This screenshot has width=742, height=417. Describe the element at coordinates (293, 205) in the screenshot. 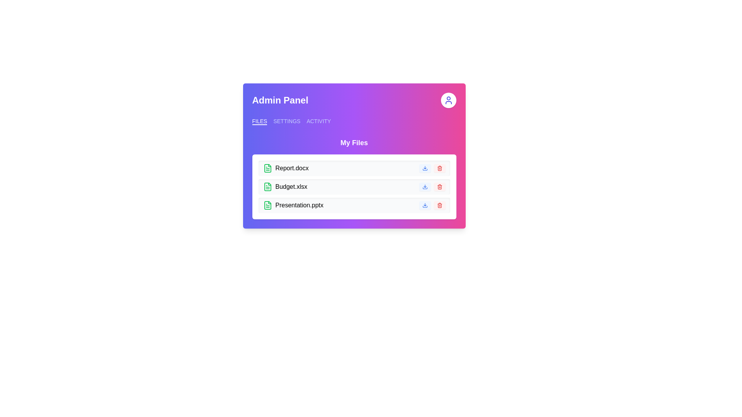

I see `the text label 'Presentation.pptx' which is accompanied by a green document icon, located in the third position of the file list under 'My Files' in the 'Admin Panel'` at that location.